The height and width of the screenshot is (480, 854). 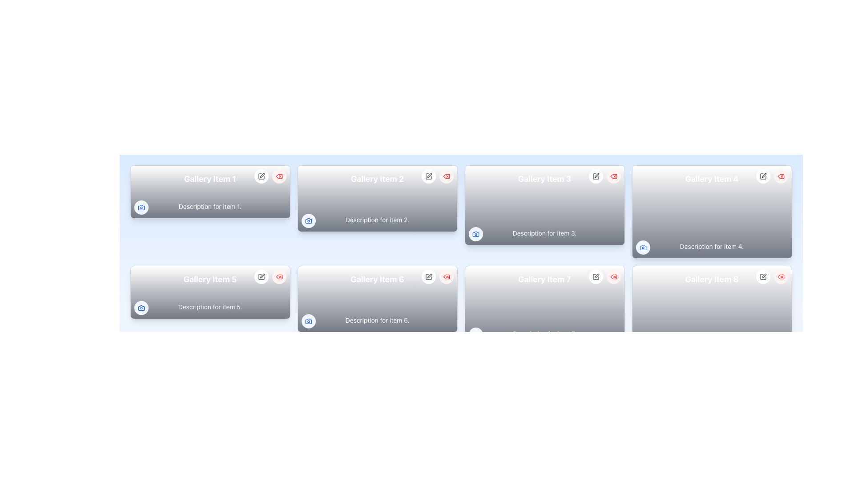 What do you see at coordinates (278, 276) in the screenshot?
I see `the small red trash icon located at the top-right corner of the gallery item card labeled 'Gallery Item 5'` at bounding box center [278, 276].